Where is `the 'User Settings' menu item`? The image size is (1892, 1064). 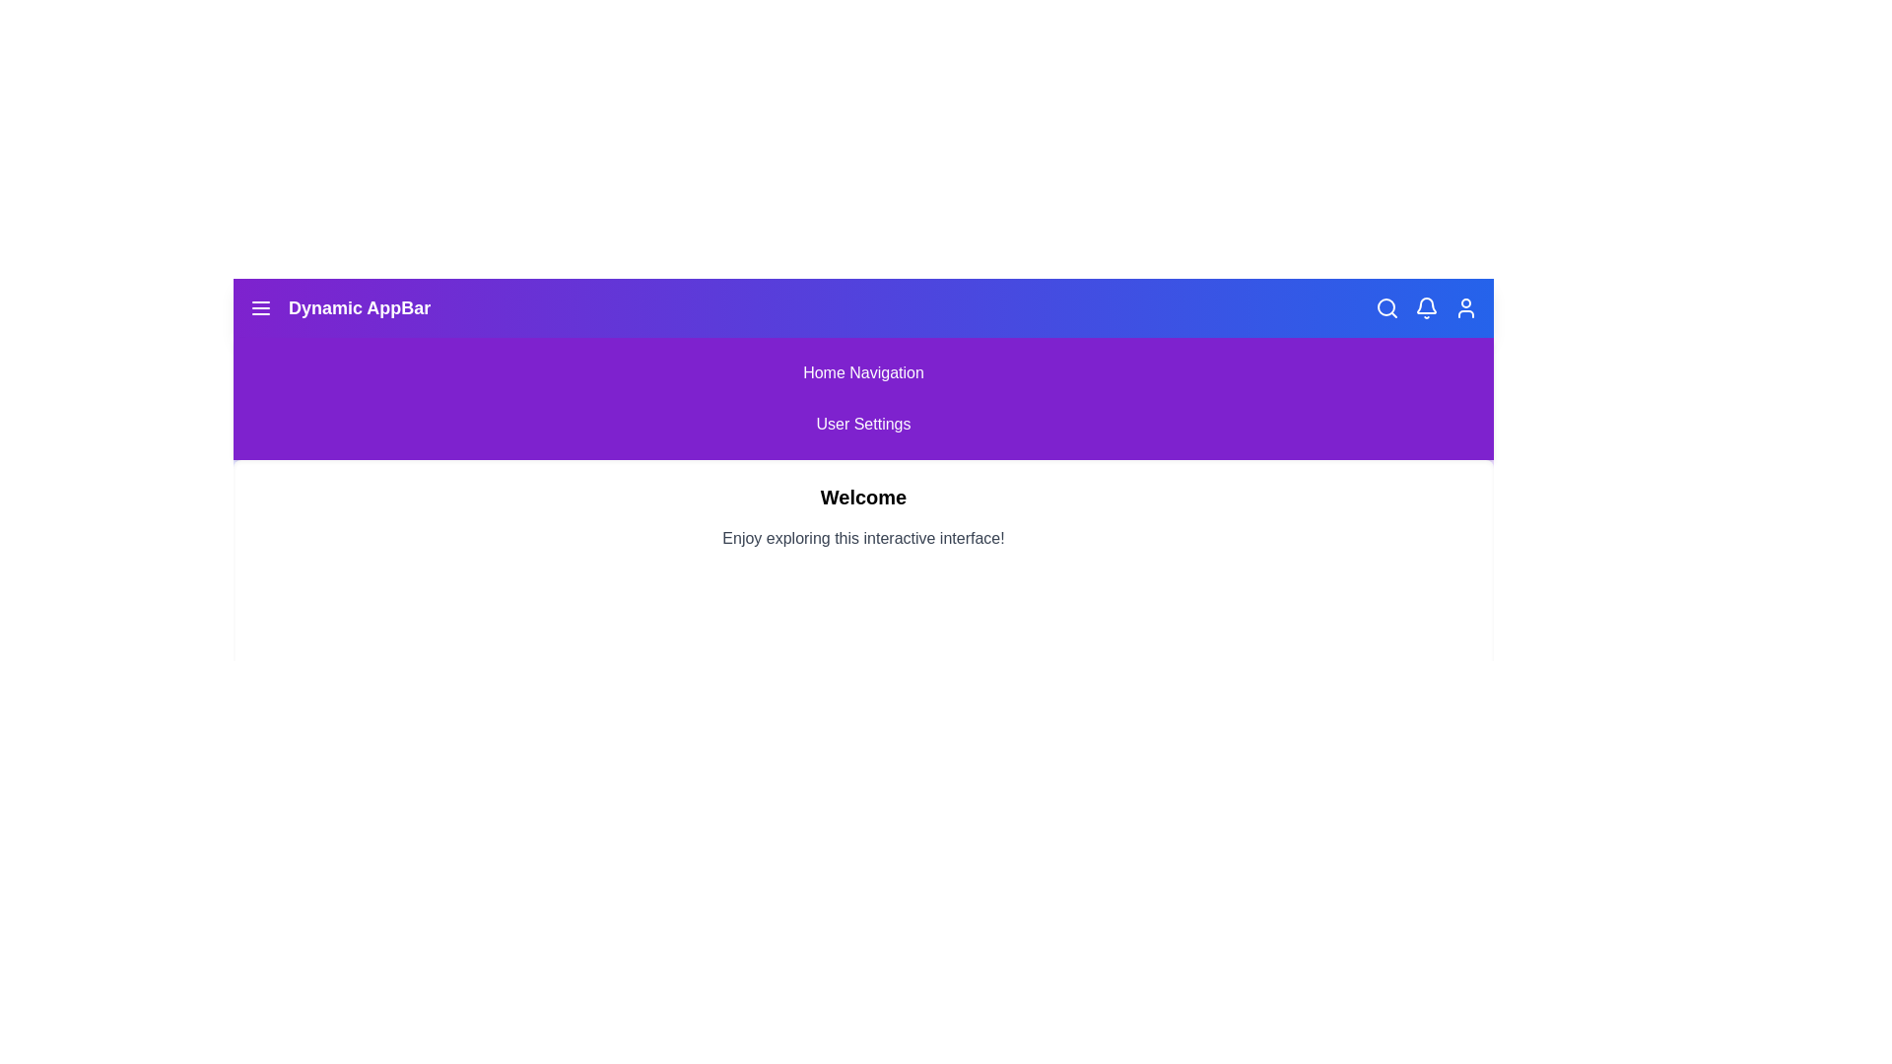
the 'User Settings' menu item is located at coordinates (863, 424).